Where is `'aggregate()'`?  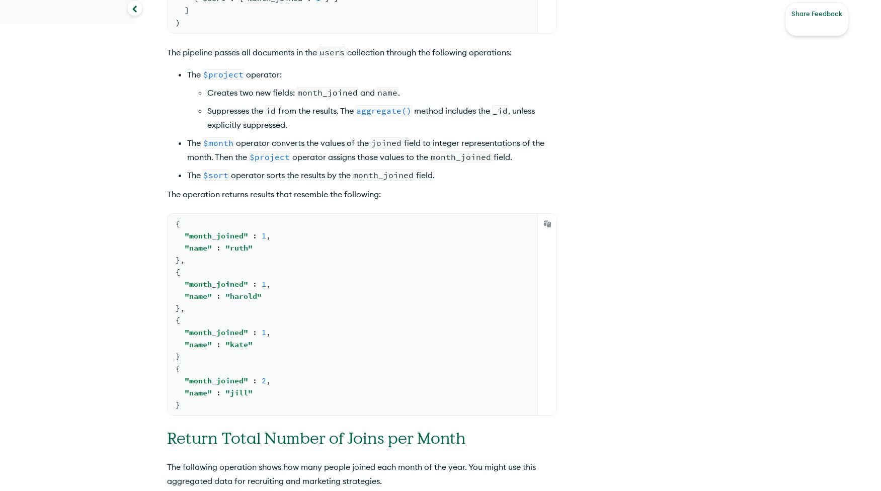
'aggregate()' is located at coordinates (356, 110).